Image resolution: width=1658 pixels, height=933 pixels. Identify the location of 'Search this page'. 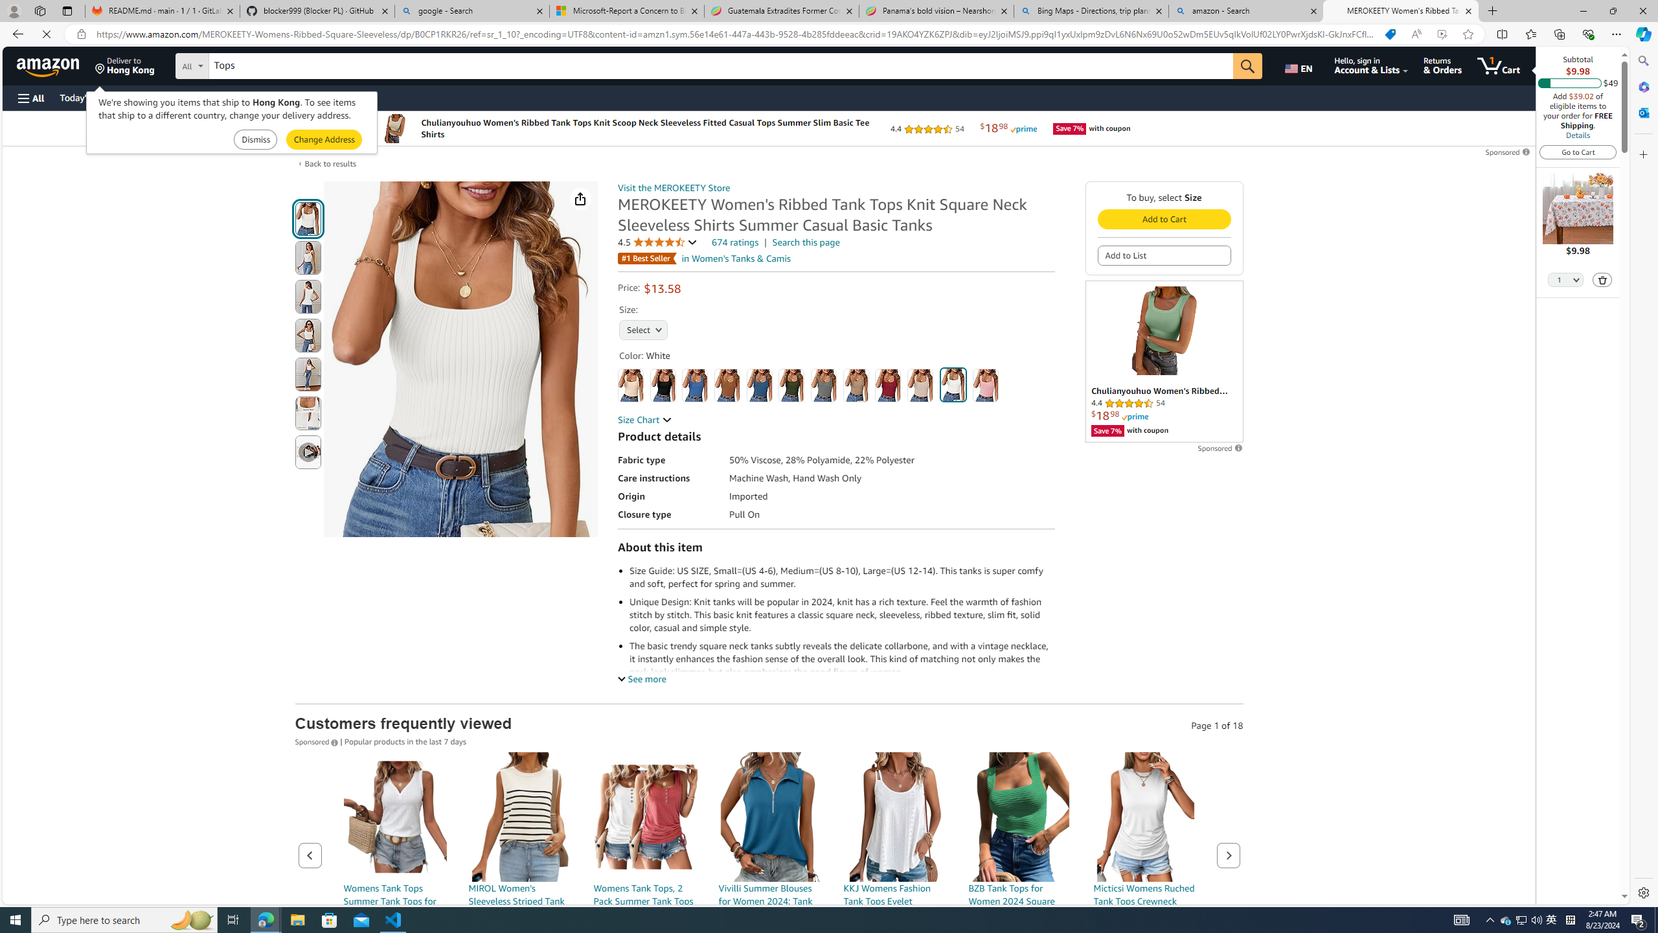
(806, 242).